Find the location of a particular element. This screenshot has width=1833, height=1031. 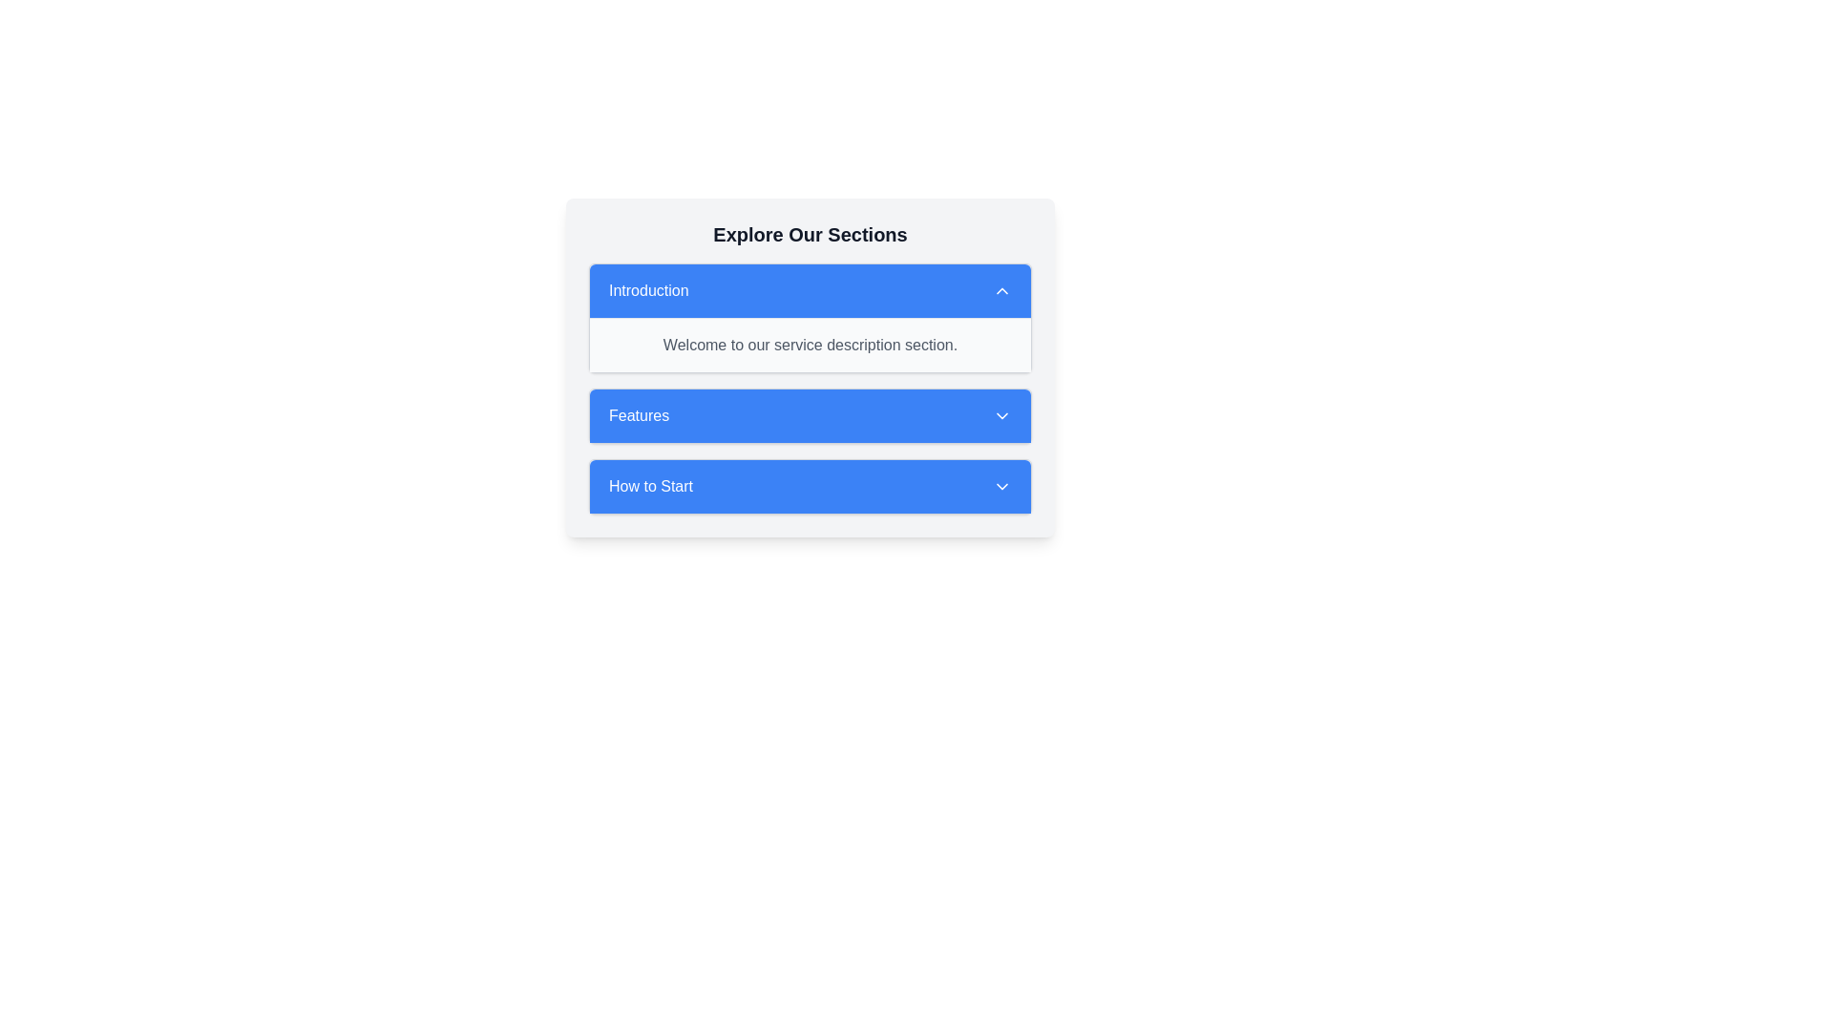

text block containing the phrase 'Welcome to our service description section.' which is centrally located in the 'Introduction' section, styled in gray on a light gray background is located at coordinates (811, 346).